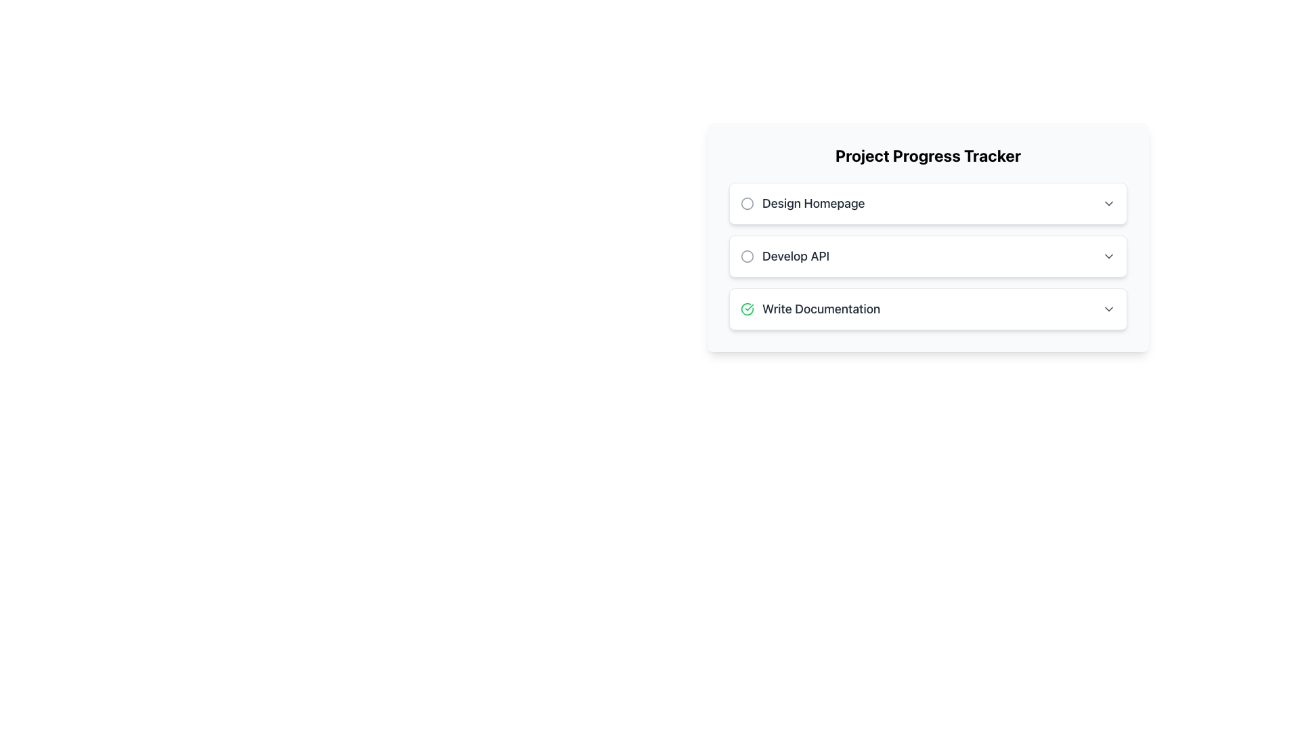 The image size is (1300, 731). I want to click on the circular icon with a thin outline located in the top-left corner of the 'Design Homepage' task in the vertical list of tasks, so click(747, 203).